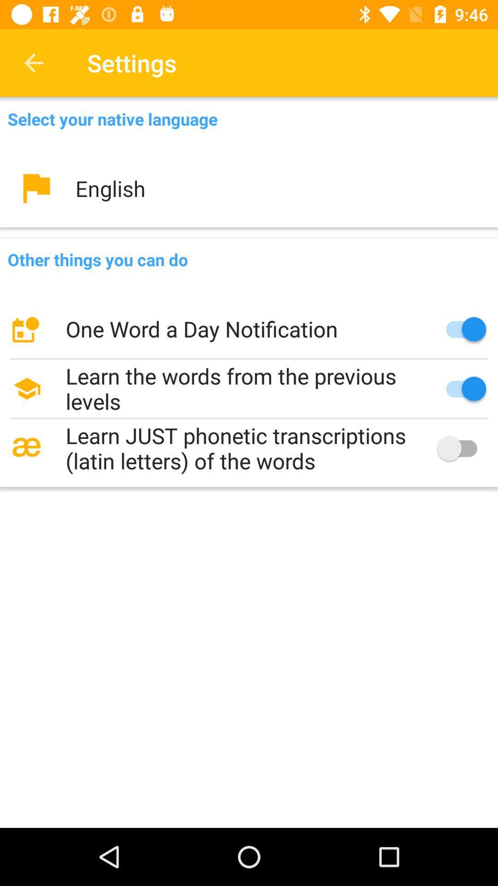 The height and width of the screenshot is (886, 498). What do you see at coordinates (249, 448) in the screenshot?
I see `the learn just phonetic` at bounding box center [249, 448].